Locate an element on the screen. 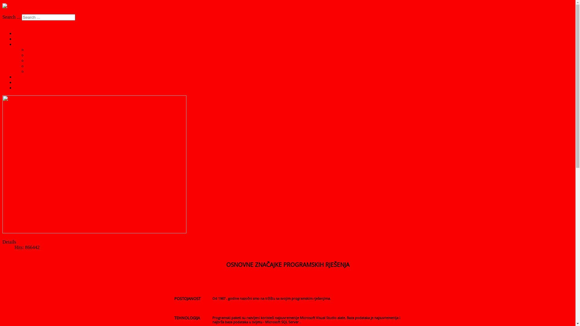 The image size is (580, 326). 'Programi' is located at coordinates (23, 39).